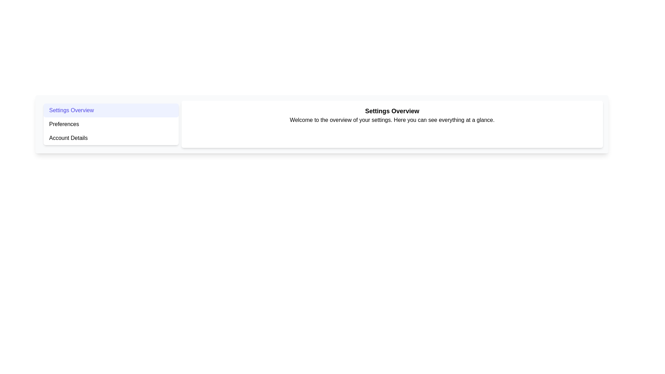 Image resolution: width=665 pixels, height=374 pixels. I want to click on the 'Preferences' button, which is a rectangular button with rounded corners located in the left pane of the interface, below 'Settings Overview' and above 'Account Details', so click(111, 124).